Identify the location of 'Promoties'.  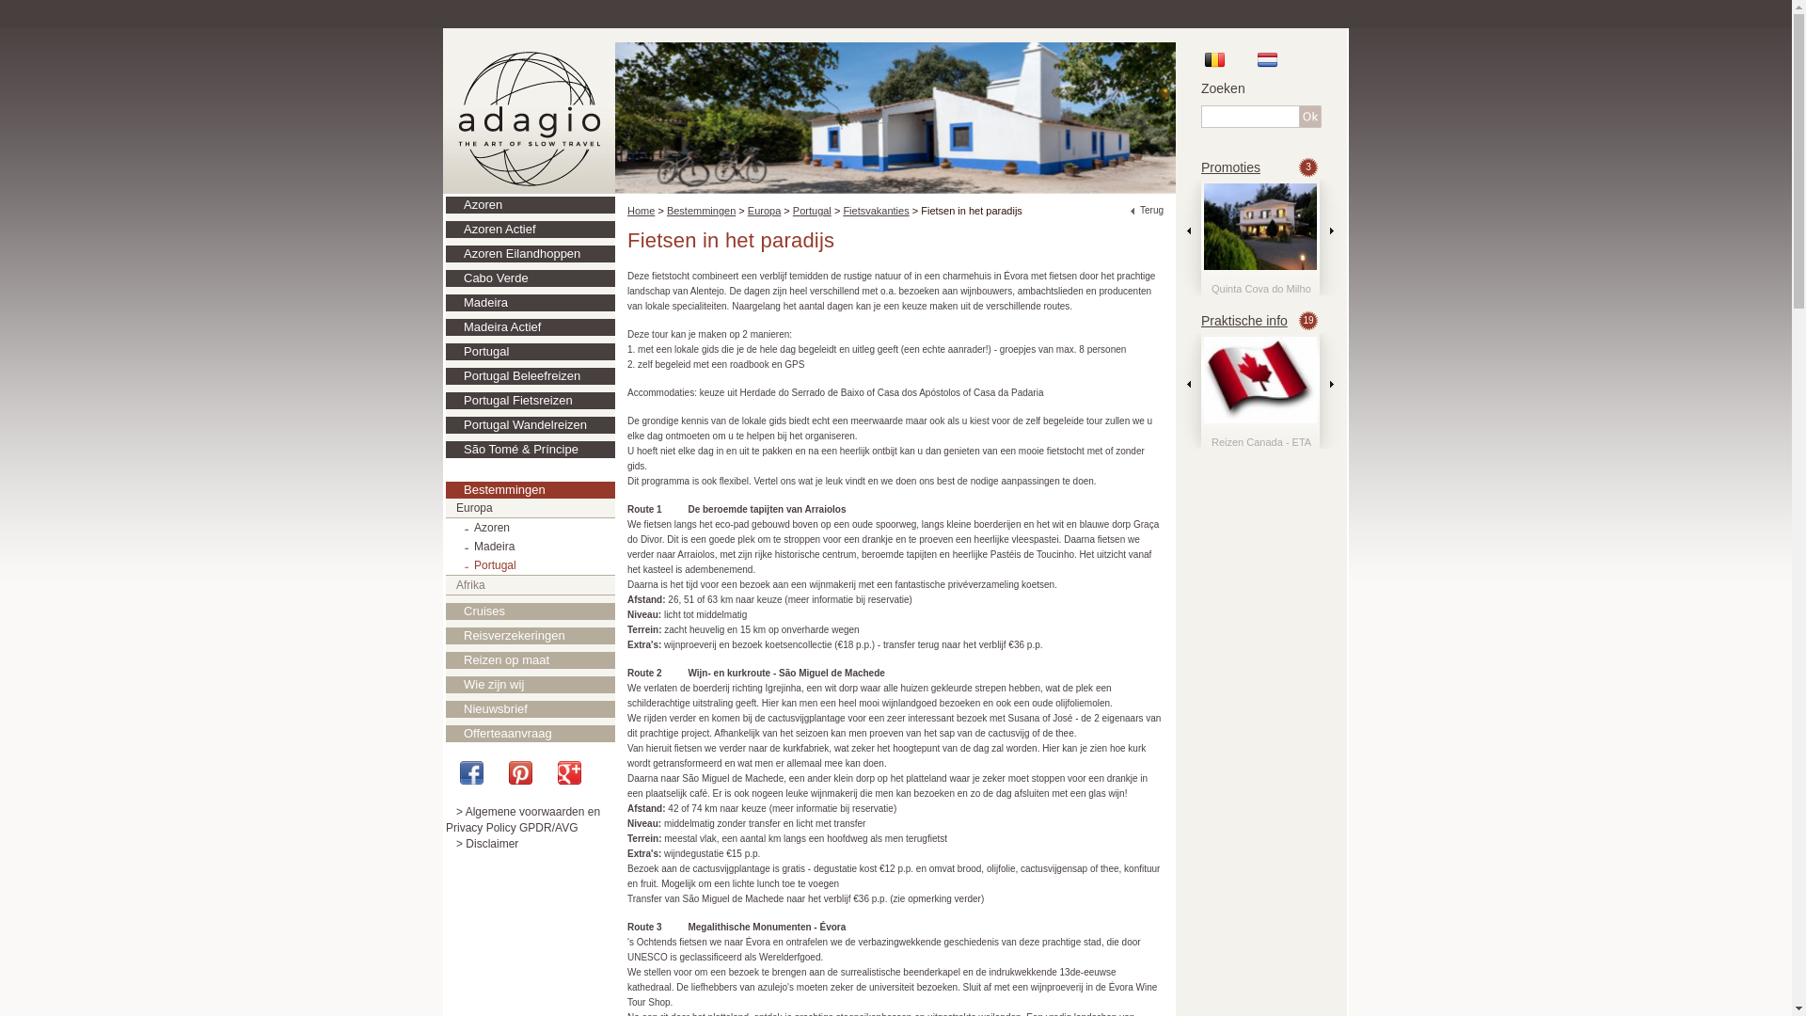
(1199, 166).